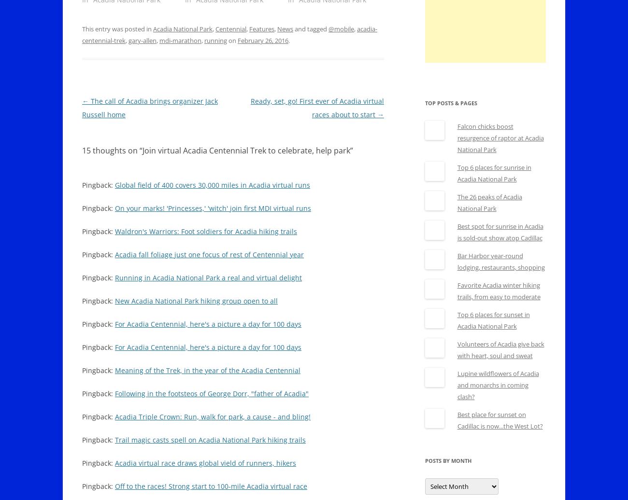 This screenshot has height=500, width=628. Describe the element at coordinates (196, 301) in the screenshot. I see `'New Acadia National Park hiking group open to all'` at that location.